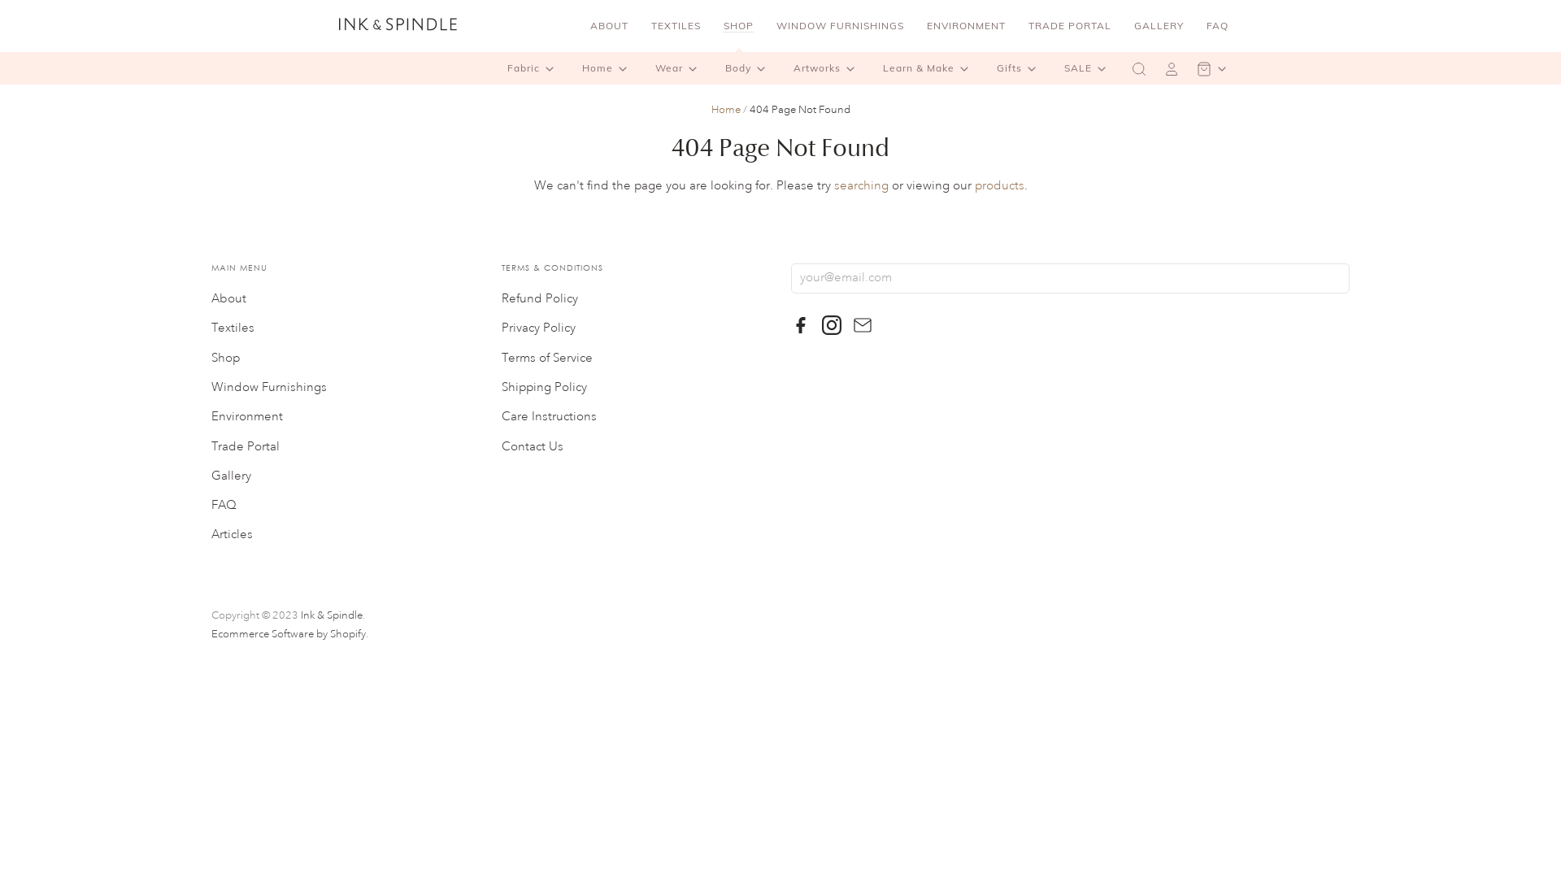  Describe the element at coordinates (840, 25) in the screenshot. I see `'WINDOW FURNISHINGS'` at that location.